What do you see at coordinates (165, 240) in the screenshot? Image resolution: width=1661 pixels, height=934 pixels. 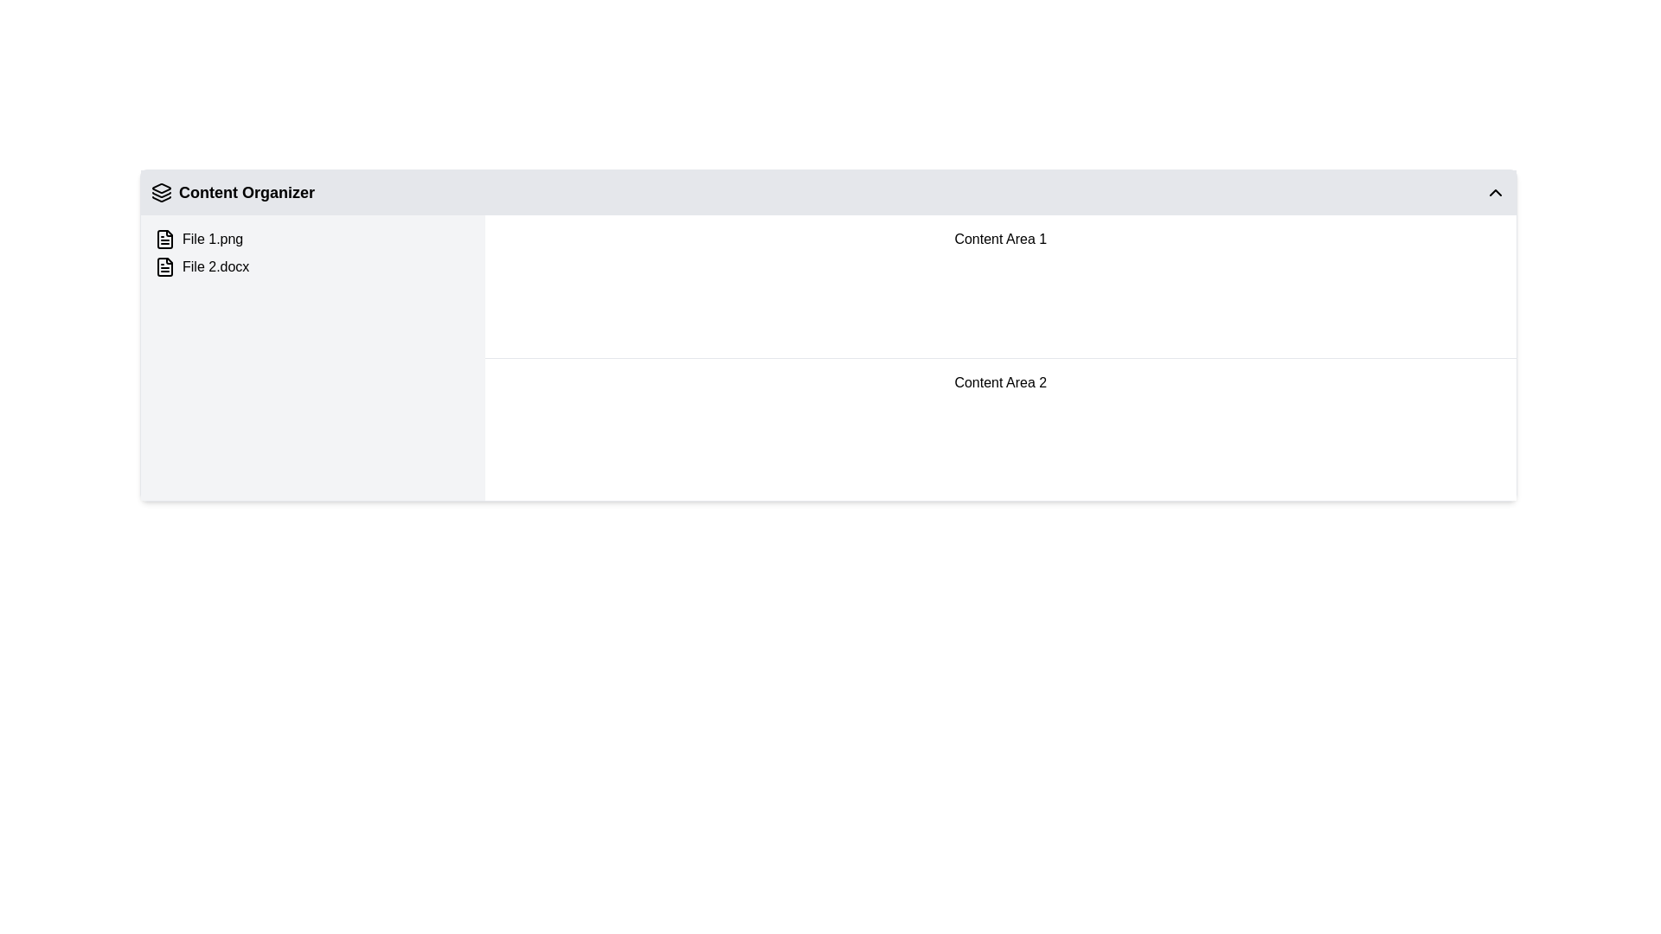 I see `the document outline icon located to the left of the file name 'File 1.png' in the first row of the file list` at bounding box center [165, 240].